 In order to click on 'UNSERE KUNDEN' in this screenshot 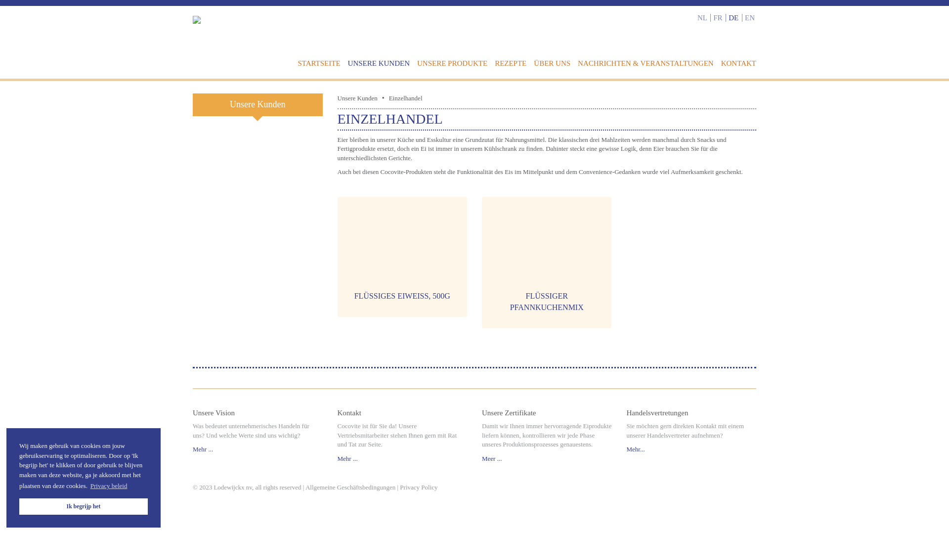, I will do `click(379, 63)`.